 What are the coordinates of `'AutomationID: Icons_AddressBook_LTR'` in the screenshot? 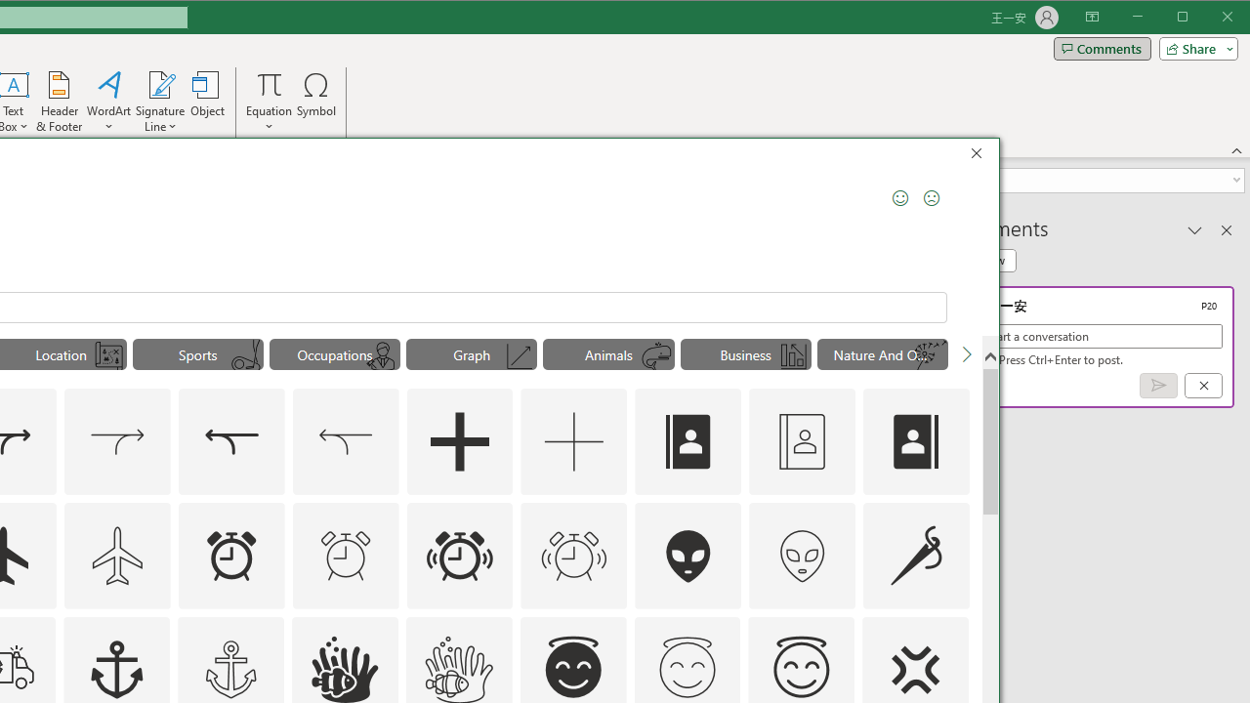 It's located at (688, 441).